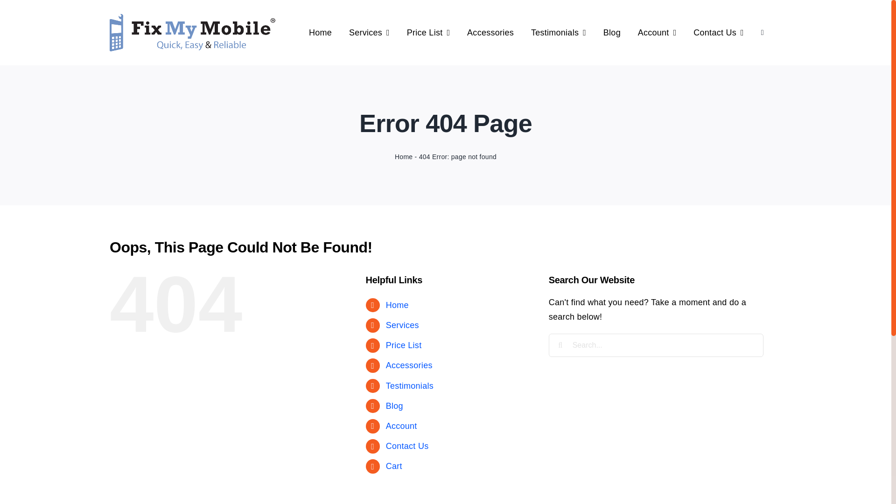  Describe the element at coordinates (385, 426) in the screenshot. I see `'Account'` at that location.